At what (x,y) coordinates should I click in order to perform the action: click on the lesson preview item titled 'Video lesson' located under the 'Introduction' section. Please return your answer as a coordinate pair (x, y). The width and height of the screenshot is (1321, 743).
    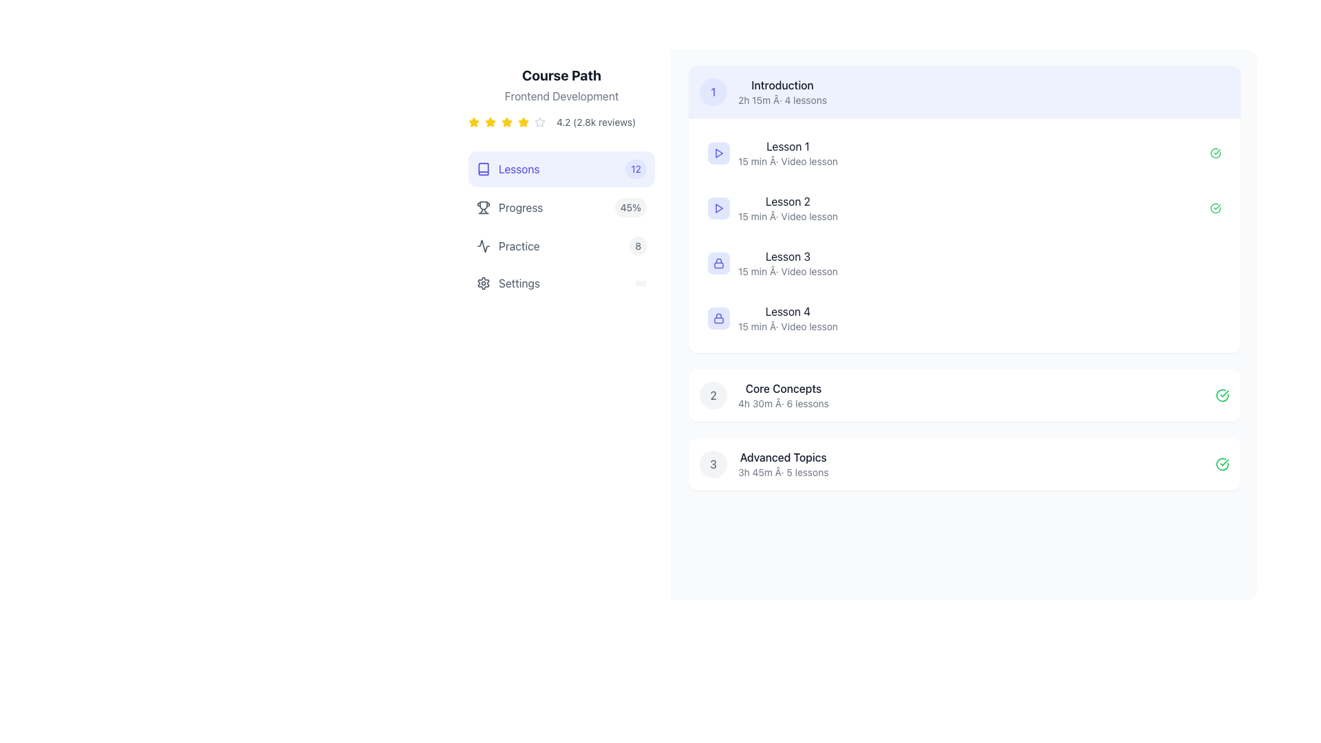
    Looking at the image, I should click on (773, 208).